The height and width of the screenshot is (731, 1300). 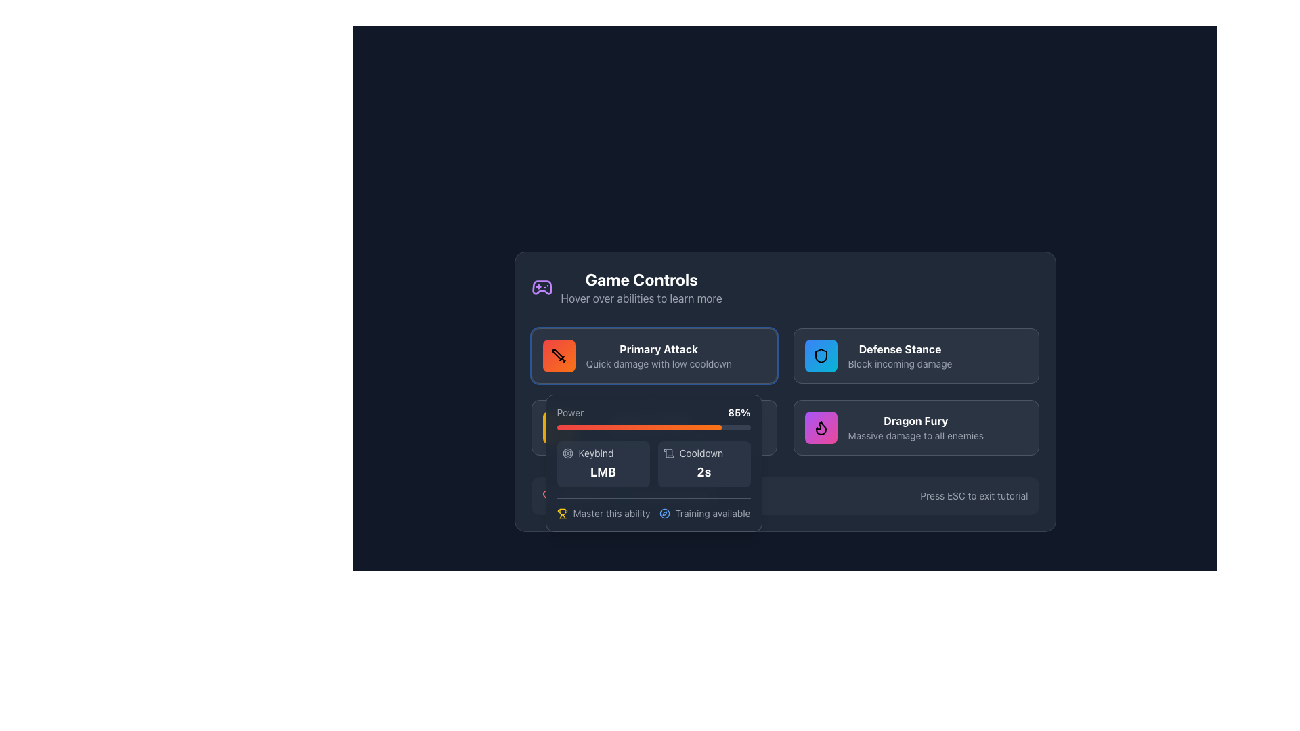 What do you see at coordinates (641, 278) in the screenshot?
I see `the heading element that contains the text 'Game Controls' in a bold, large font located at the top of the section` at bounding box center [641, 278].